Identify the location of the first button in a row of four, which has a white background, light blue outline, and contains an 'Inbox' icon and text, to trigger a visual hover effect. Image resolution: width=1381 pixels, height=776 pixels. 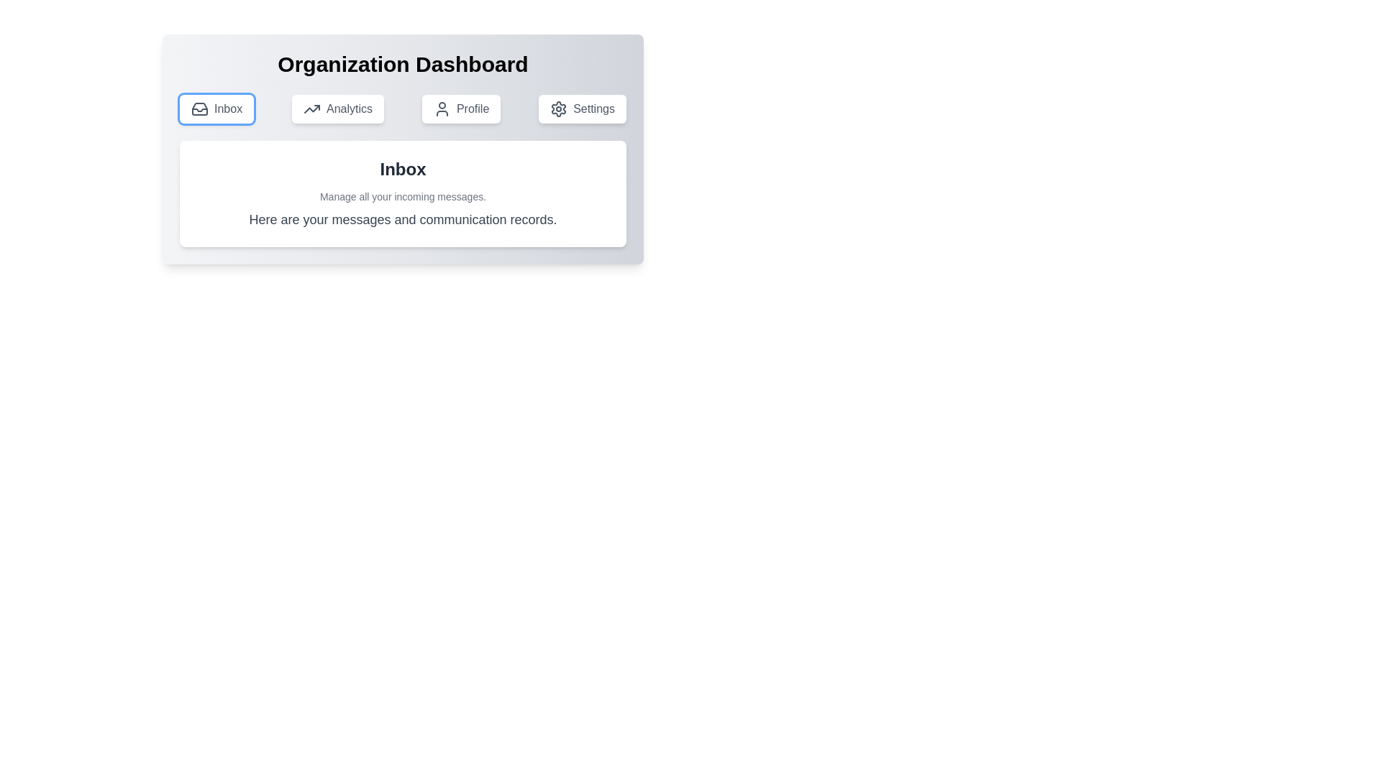
(216, 108).